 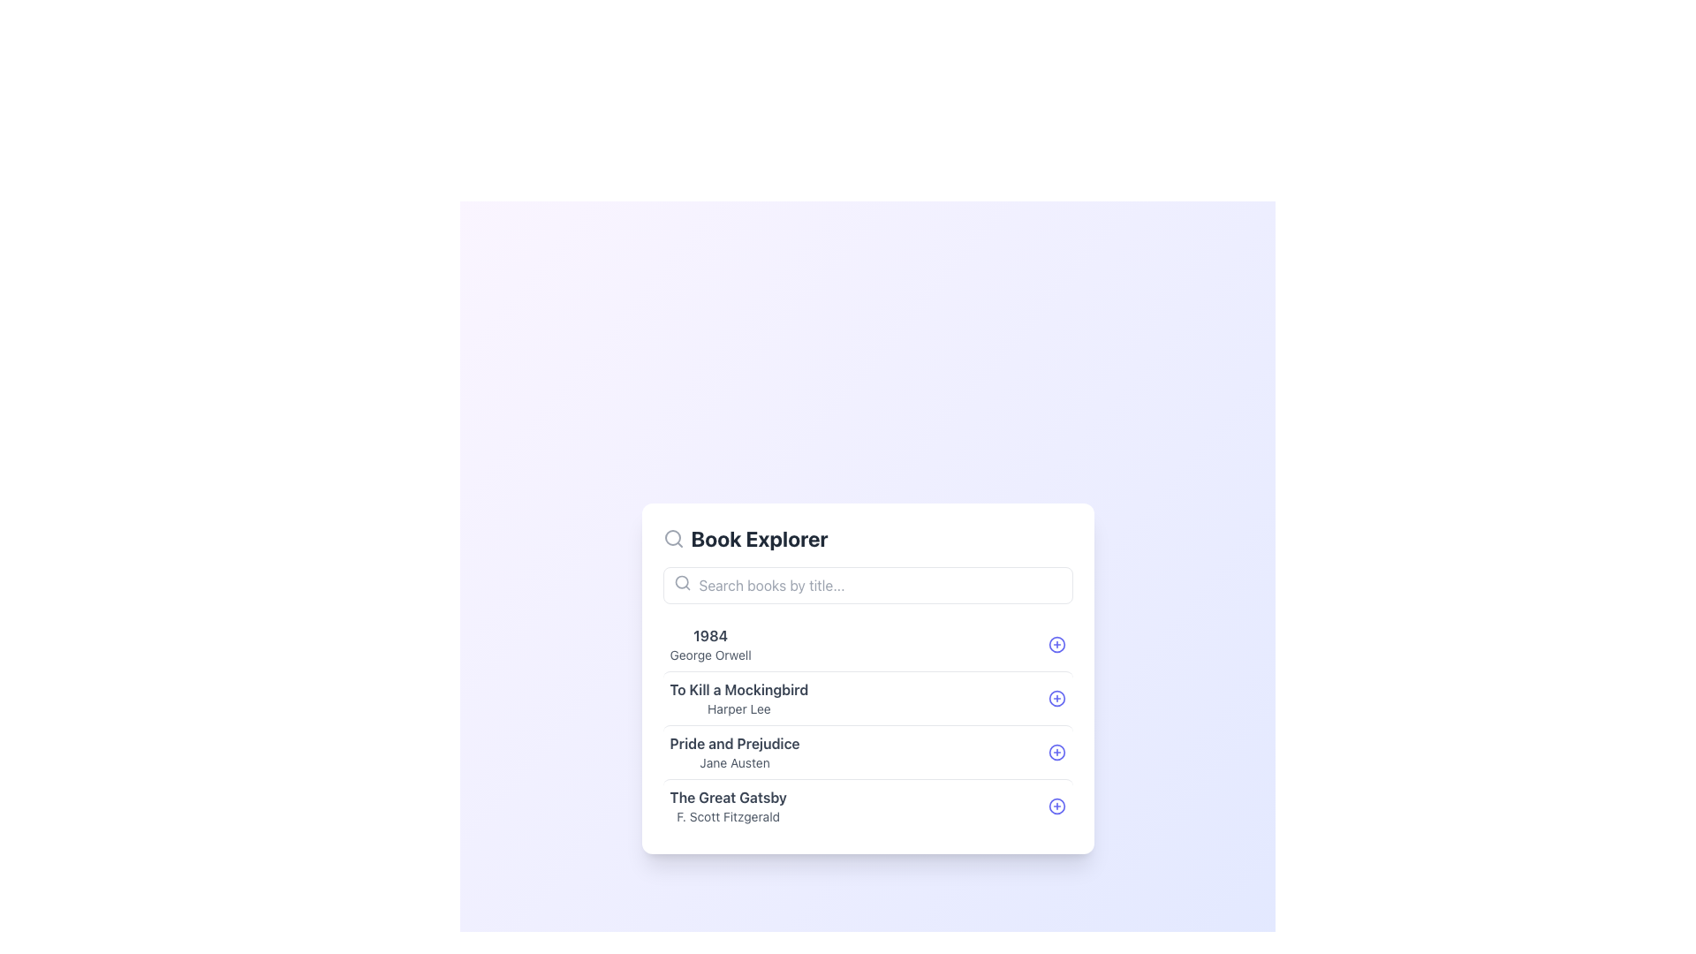 I want to click on the first List Item in the 'Book Explorer' section, which displays the title '1984' by George Orwell, so click(x=867, y=644).